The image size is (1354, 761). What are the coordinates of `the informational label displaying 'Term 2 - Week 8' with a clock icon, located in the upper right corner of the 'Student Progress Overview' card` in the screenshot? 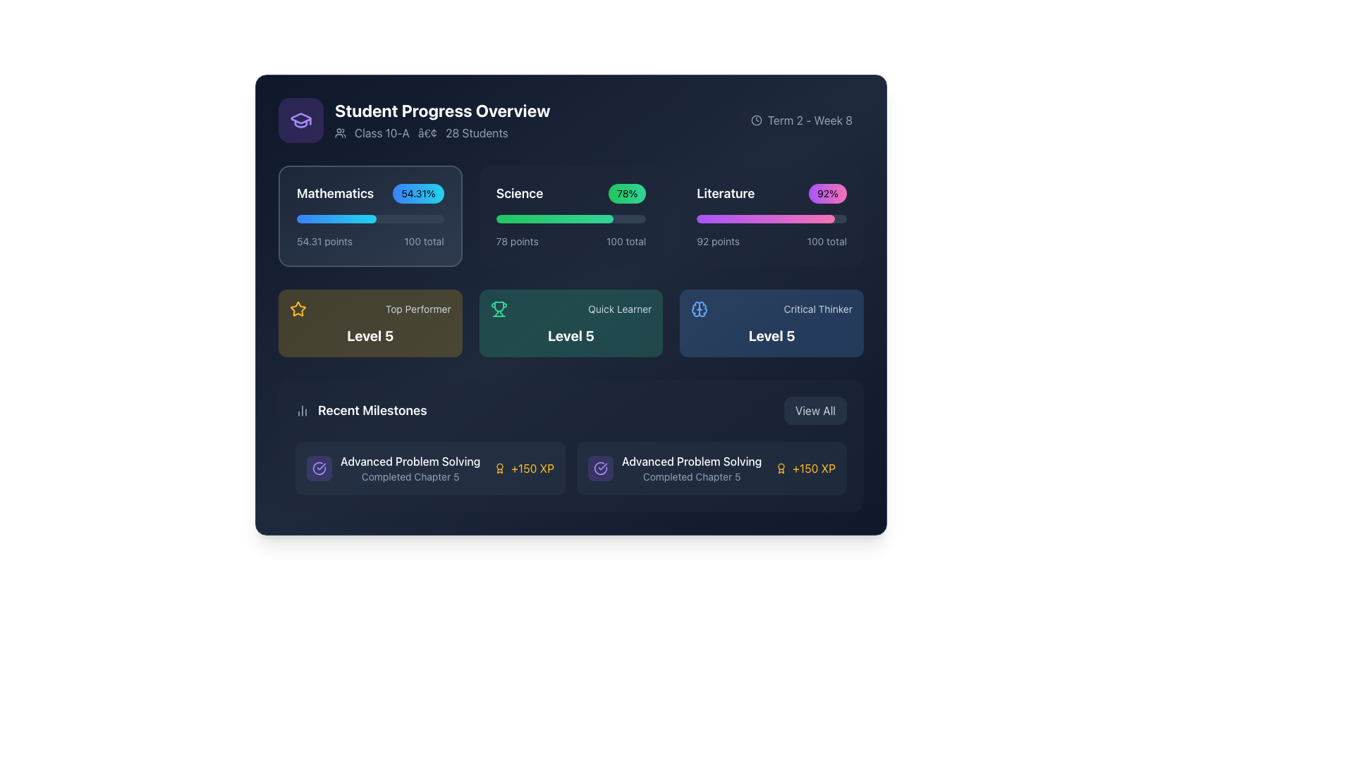 It's located at (801, 119).